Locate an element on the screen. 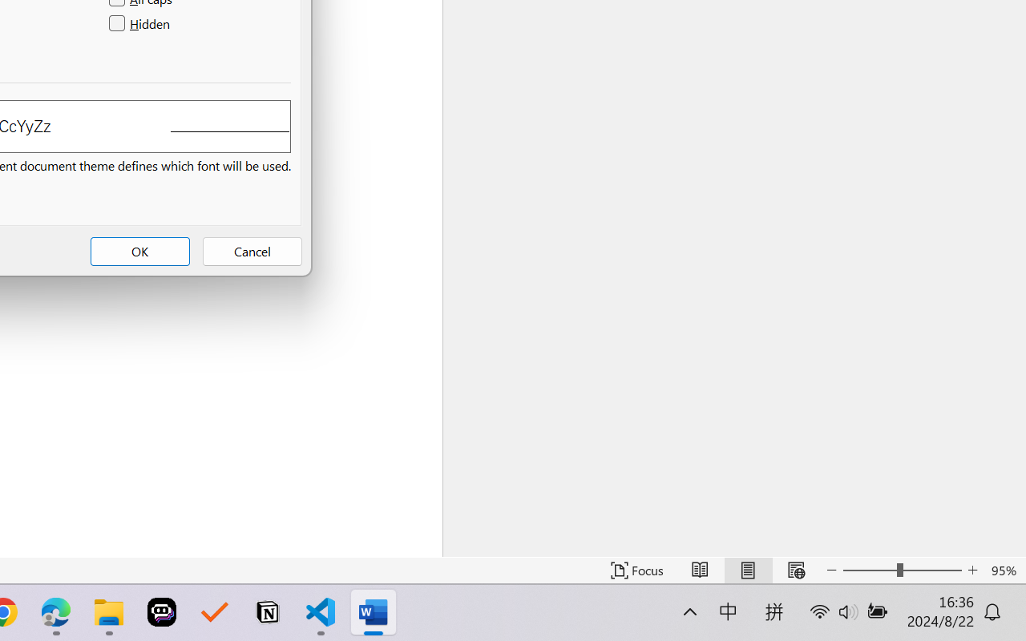  'Hidden' is located at coordinates (141, 24).